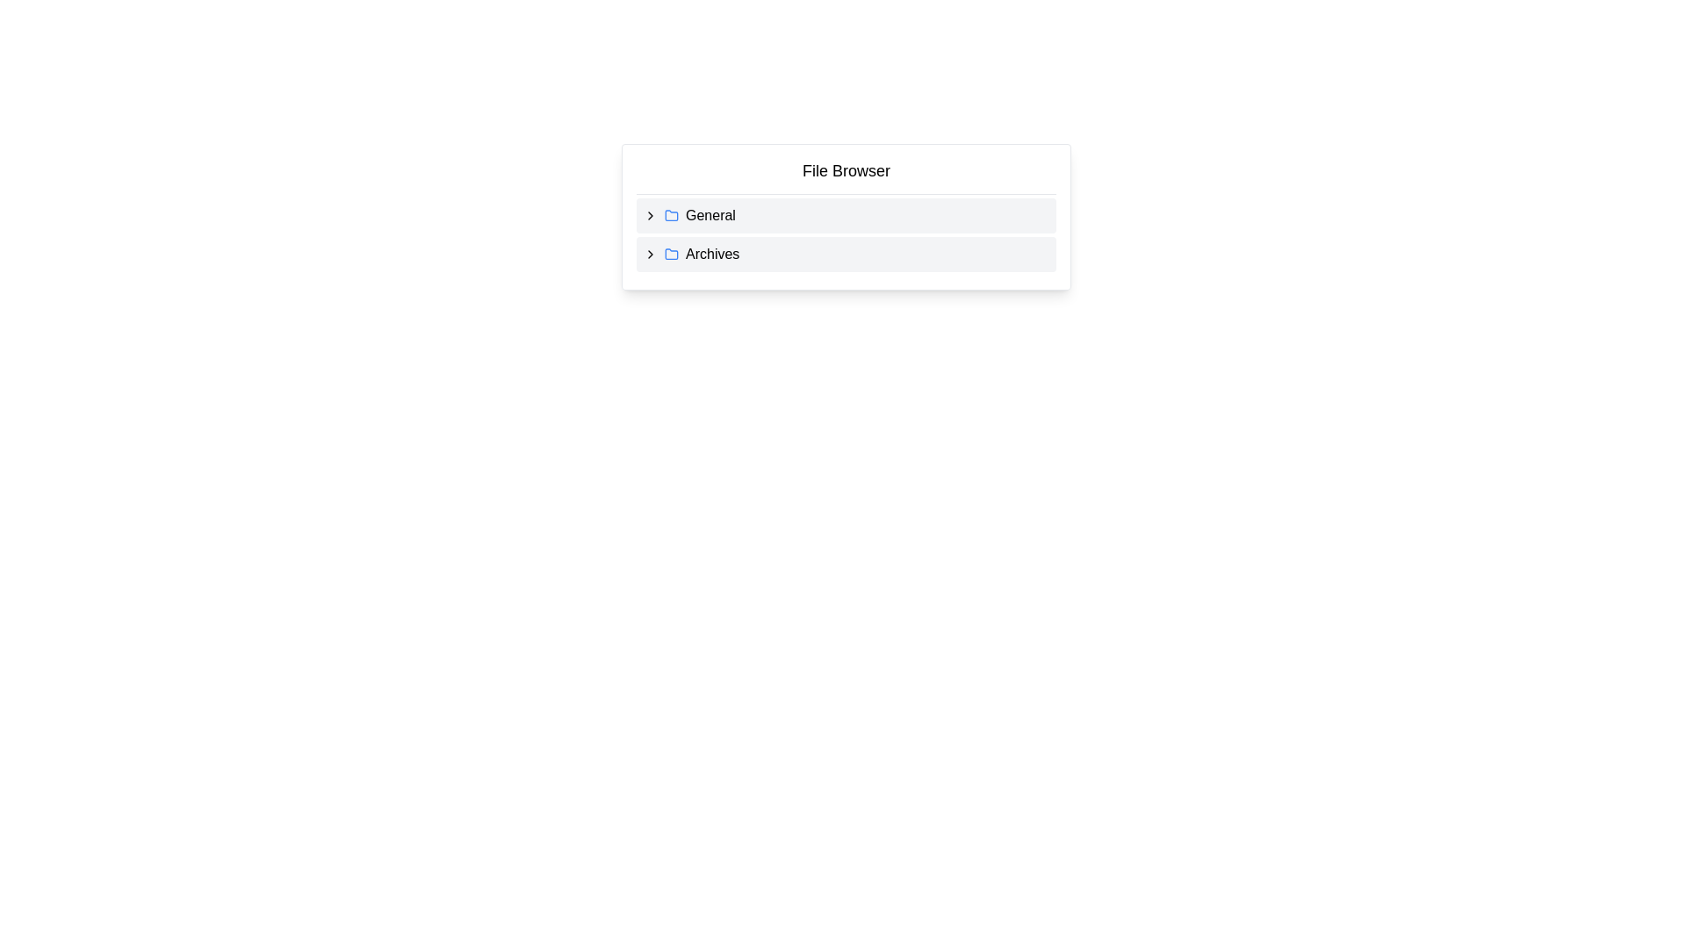 The image size is (1686, 948). I want to click on the chevron icon that toggles the 'General' section for tooltip or visual feedback, so click(649, 215).